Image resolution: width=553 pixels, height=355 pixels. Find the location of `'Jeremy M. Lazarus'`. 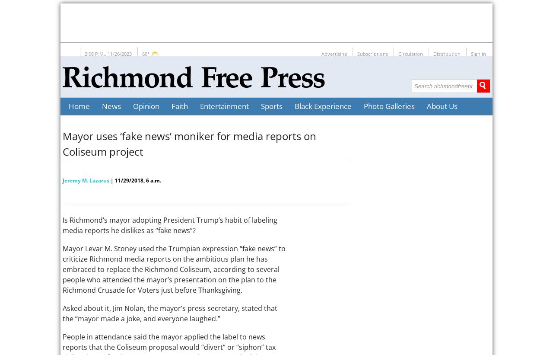

'Jeremy M. Lazarus' is located at coordinates (62, 180).